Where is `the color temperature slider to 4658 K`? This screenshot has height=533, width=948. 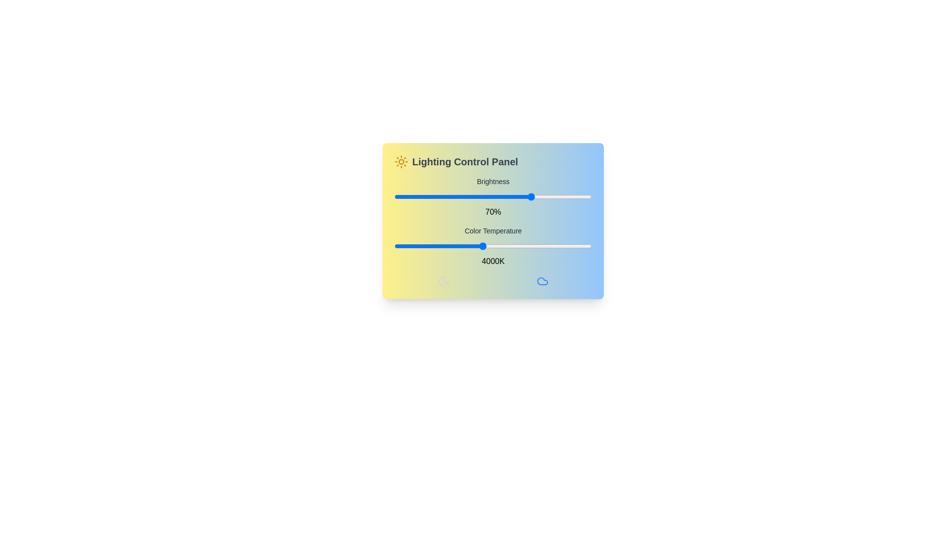
the color temperature slider to 4658 K is located at coordinates (511, 245).